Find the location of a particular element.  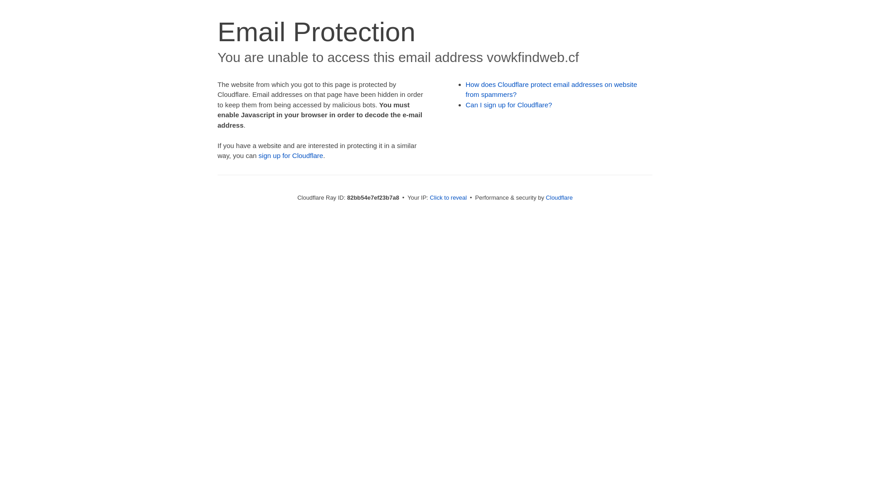

'Cloudflare' is located at coordinates (559, 197).